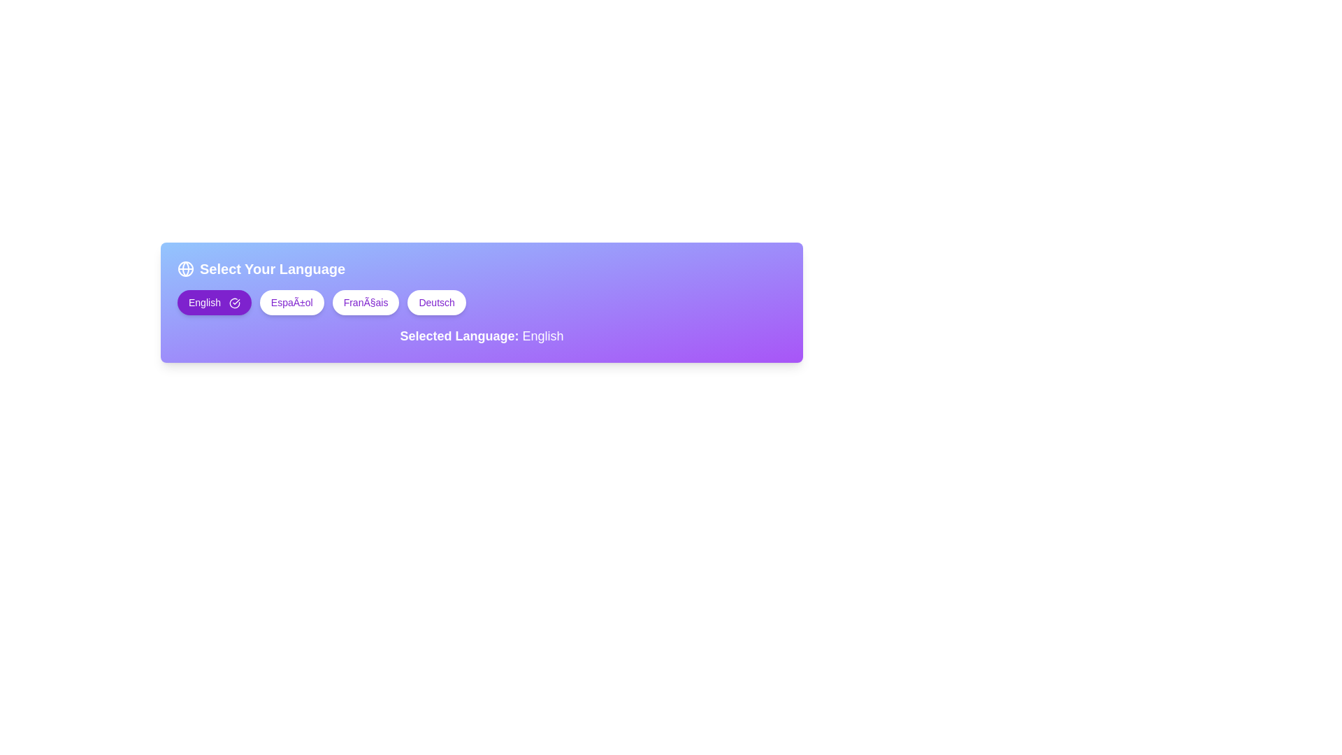 This screenshot has width=1342, height=755. I want to click on the language selection confirmation icon indicating that 'English' is selected, located to the right of the text 'English' in the upper left corner of the card labeled 'Select Your Language', so click(234, 303).